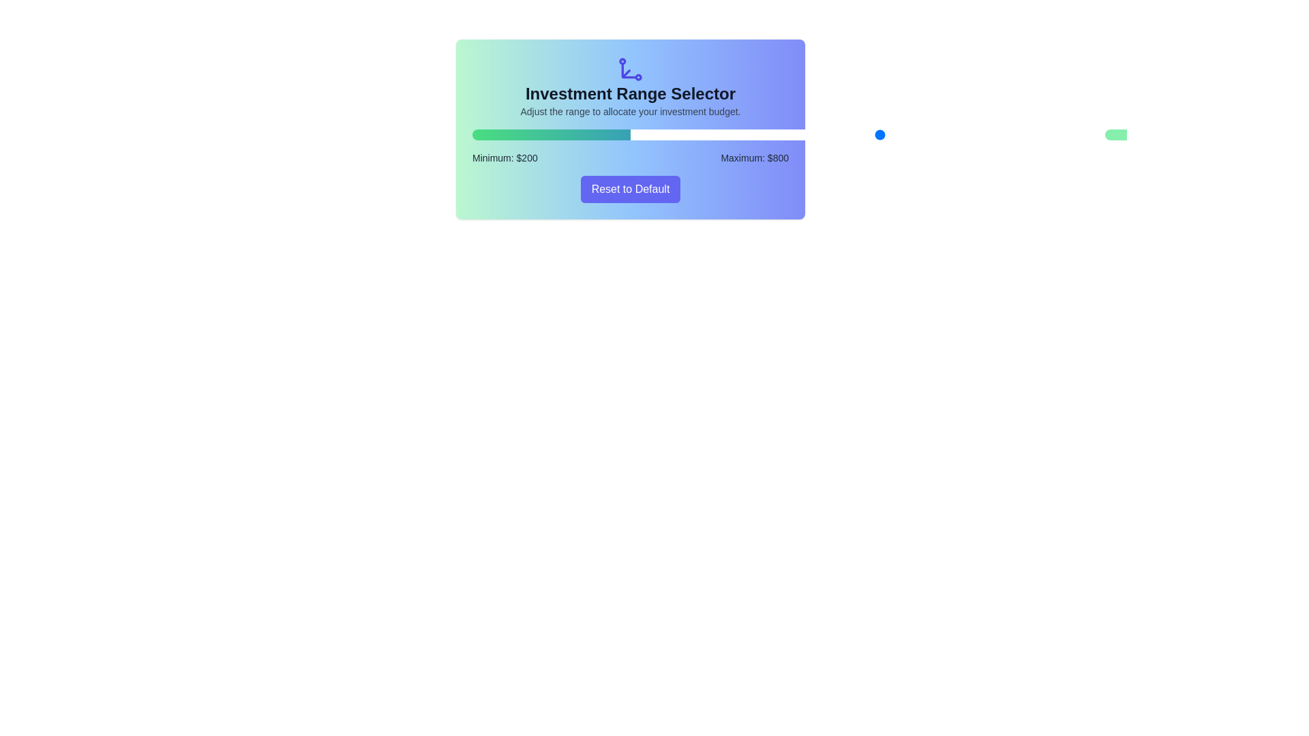 This screenshot has height=736, width=1309. I want to click on the minimum investment range slider to 851, so click(899, 134).